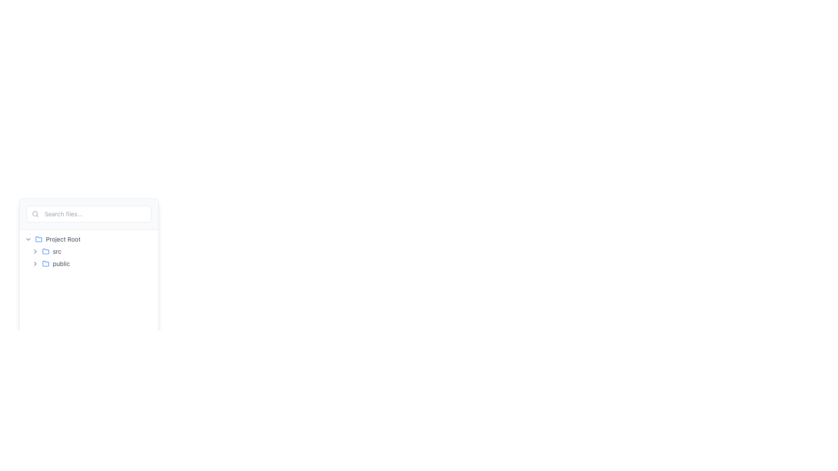 Image resolution: width=838 pixels, height=471 pixels. Describe the element at coordinates (35, 214) in the screenshot. I see `the SVG icon representing a magnifying glass, which is positioned at the far left of the search input field area` at that location.